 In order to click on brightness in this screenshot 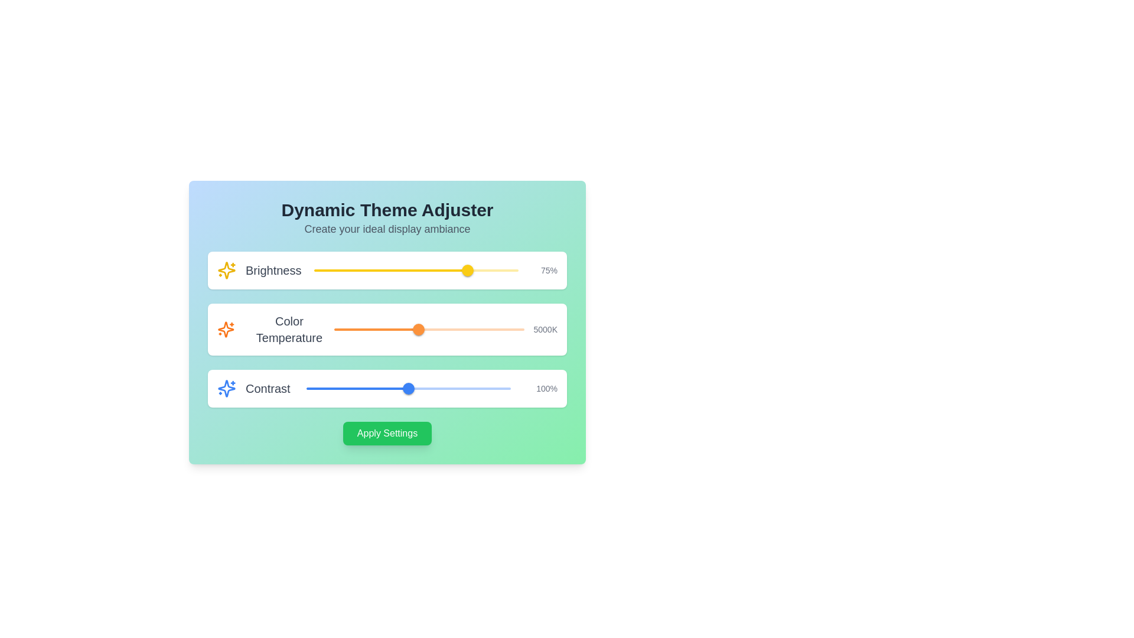, I will do `click(475, 271)`.